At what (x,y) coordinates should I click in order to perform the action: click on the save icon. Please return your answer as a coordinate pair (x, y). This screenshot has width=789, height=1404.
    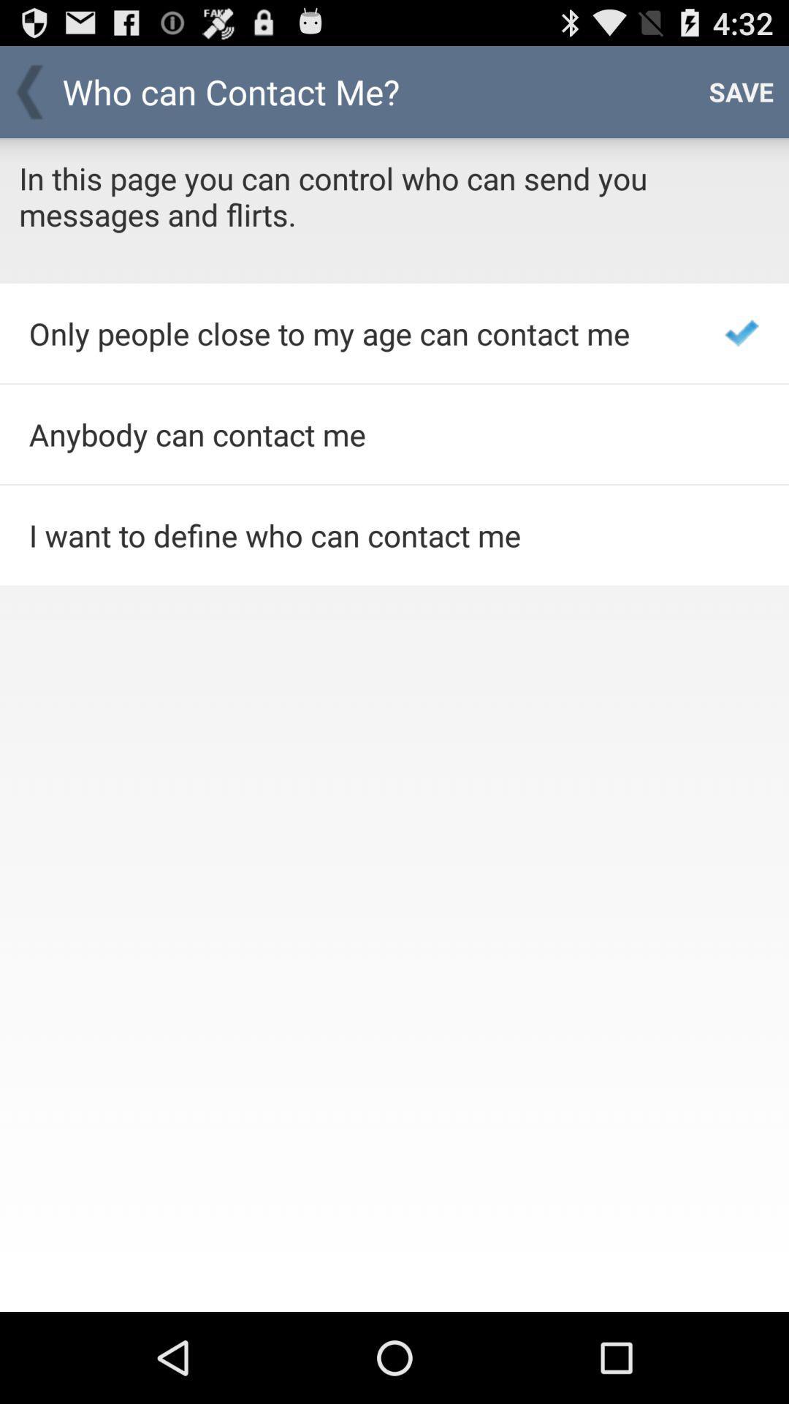
    Looking at the image, I should click on (741, 91).